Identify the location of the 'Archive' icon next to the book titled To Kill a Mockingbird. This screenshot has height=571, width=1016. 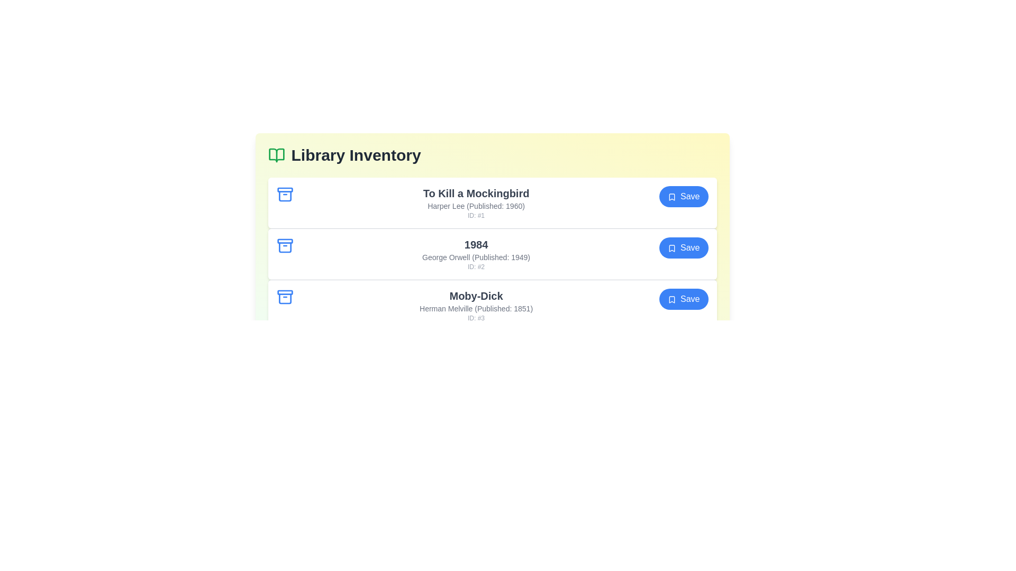
(285, 194).